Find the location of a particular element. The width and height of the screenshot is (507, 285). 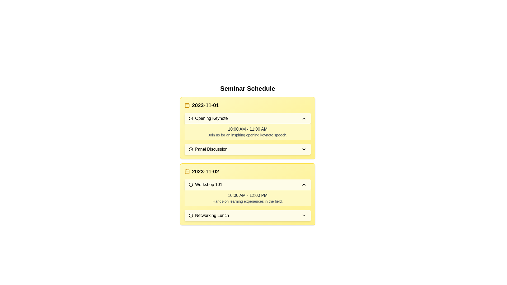

the informational card titled 'Workshop 101' with a light yellow background and dark text, located in the '2023-11-02' section is located at coordinates (247, 192).